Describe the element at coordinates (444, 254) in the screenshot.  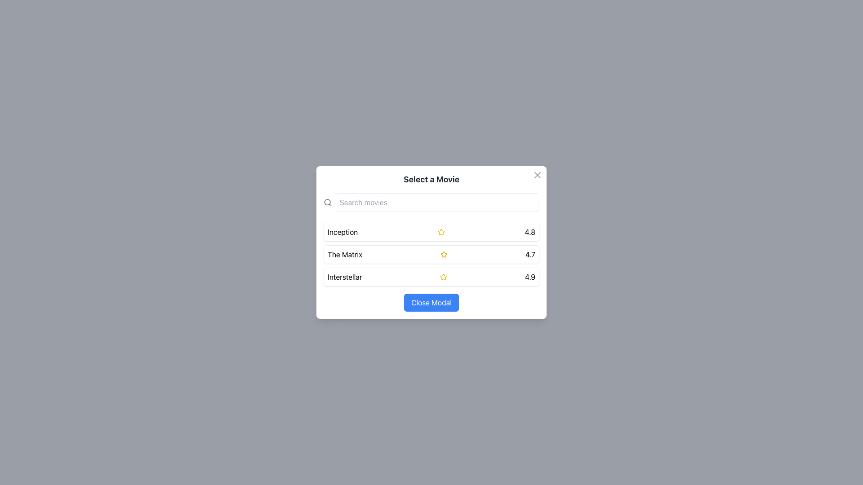
I see `the yellow star-shaped icon representing the rating for 'The Matrix'` at that location.